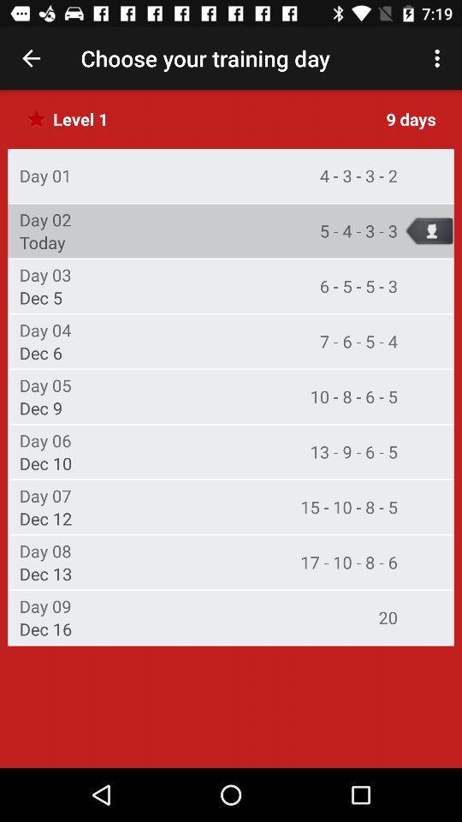 This screenshot has width=462, height=822. I want to click on icon next to 5 4 3, so click(42, 241).